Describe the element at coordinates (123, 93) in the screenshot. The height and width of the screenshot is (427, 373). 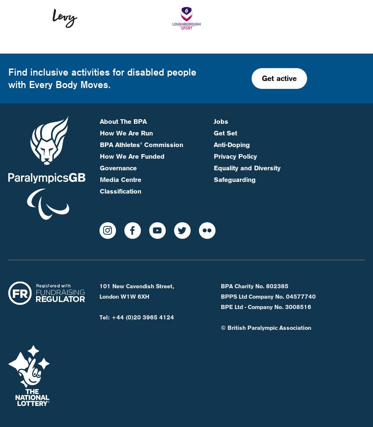
I see `'About The BPA'` at that location.